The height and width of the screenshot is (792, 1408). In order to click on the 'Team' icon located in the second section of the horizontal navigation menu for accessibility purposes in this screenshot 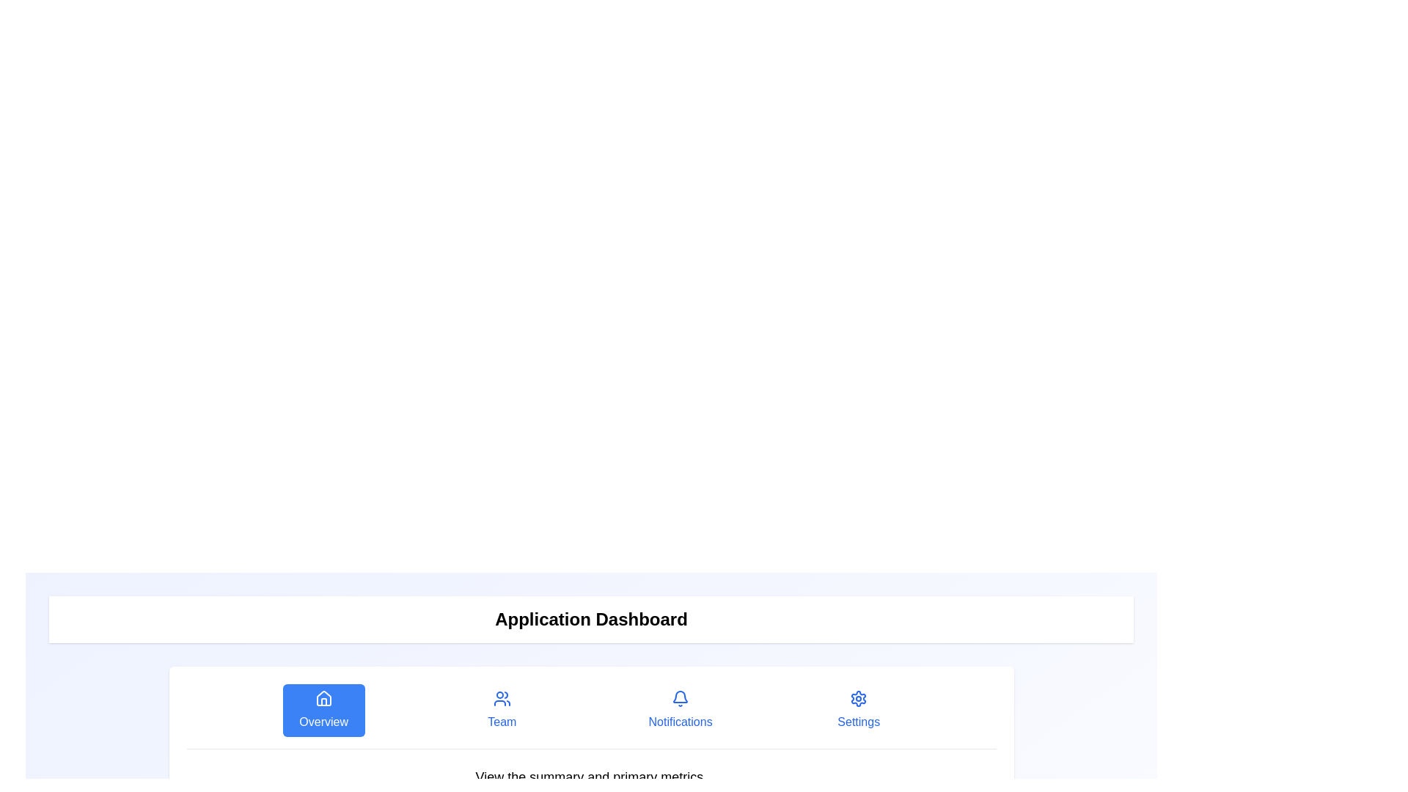, I will do `click(502, 697)`.